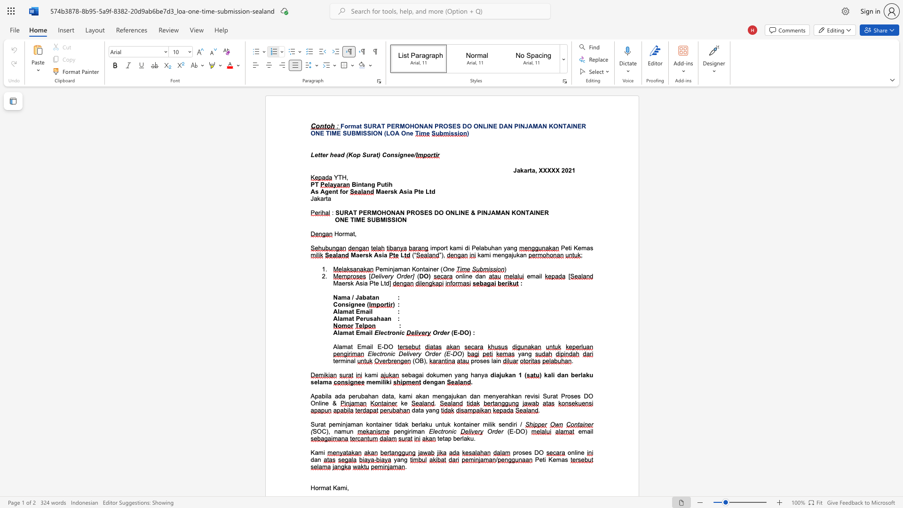 Image resolution: width=903 pixels, height=508 pixels. I want to click on the space between the continuous character "l" and "i" in the text, so click(464, 276).